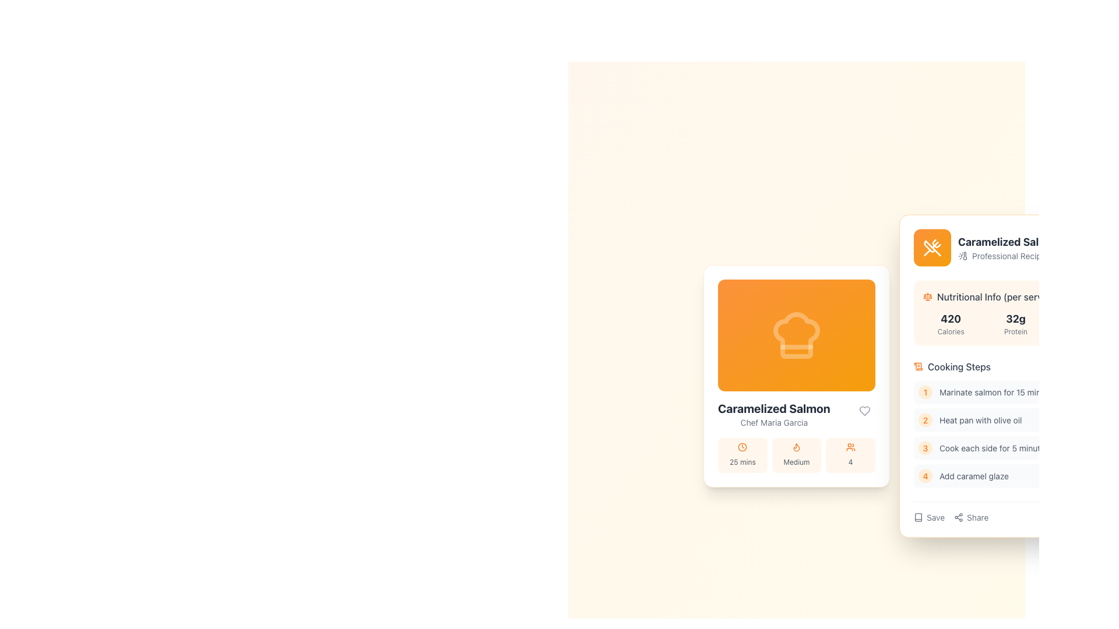 This screenshot has height=629, width=1119. I want to click on the 'Caramelized Salmon' text display with the subtitle 'Professional Recipe' located in the top section of the rightmost card, directly below the orange gradient icon of crossed utensils, so click(1009, 247).